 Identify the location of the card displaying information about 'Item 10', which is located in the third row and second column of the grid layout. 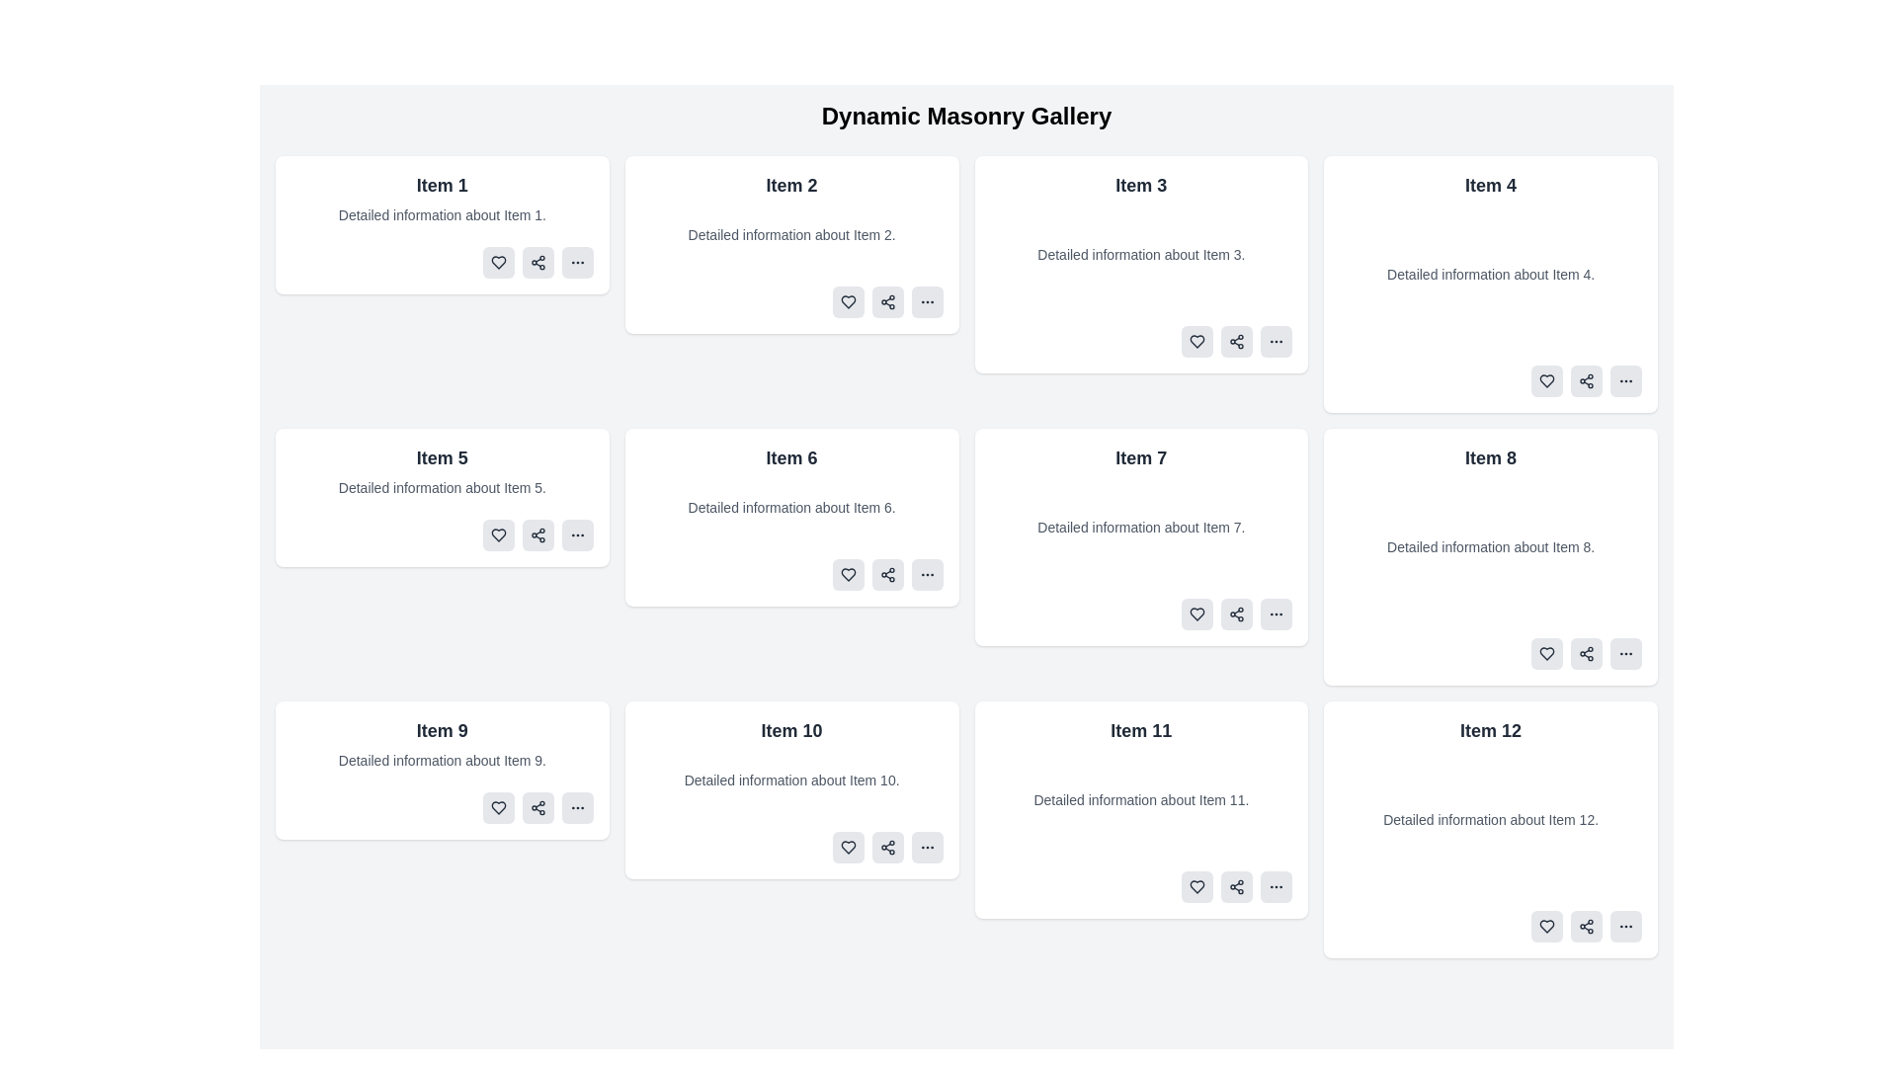
(791, 788).